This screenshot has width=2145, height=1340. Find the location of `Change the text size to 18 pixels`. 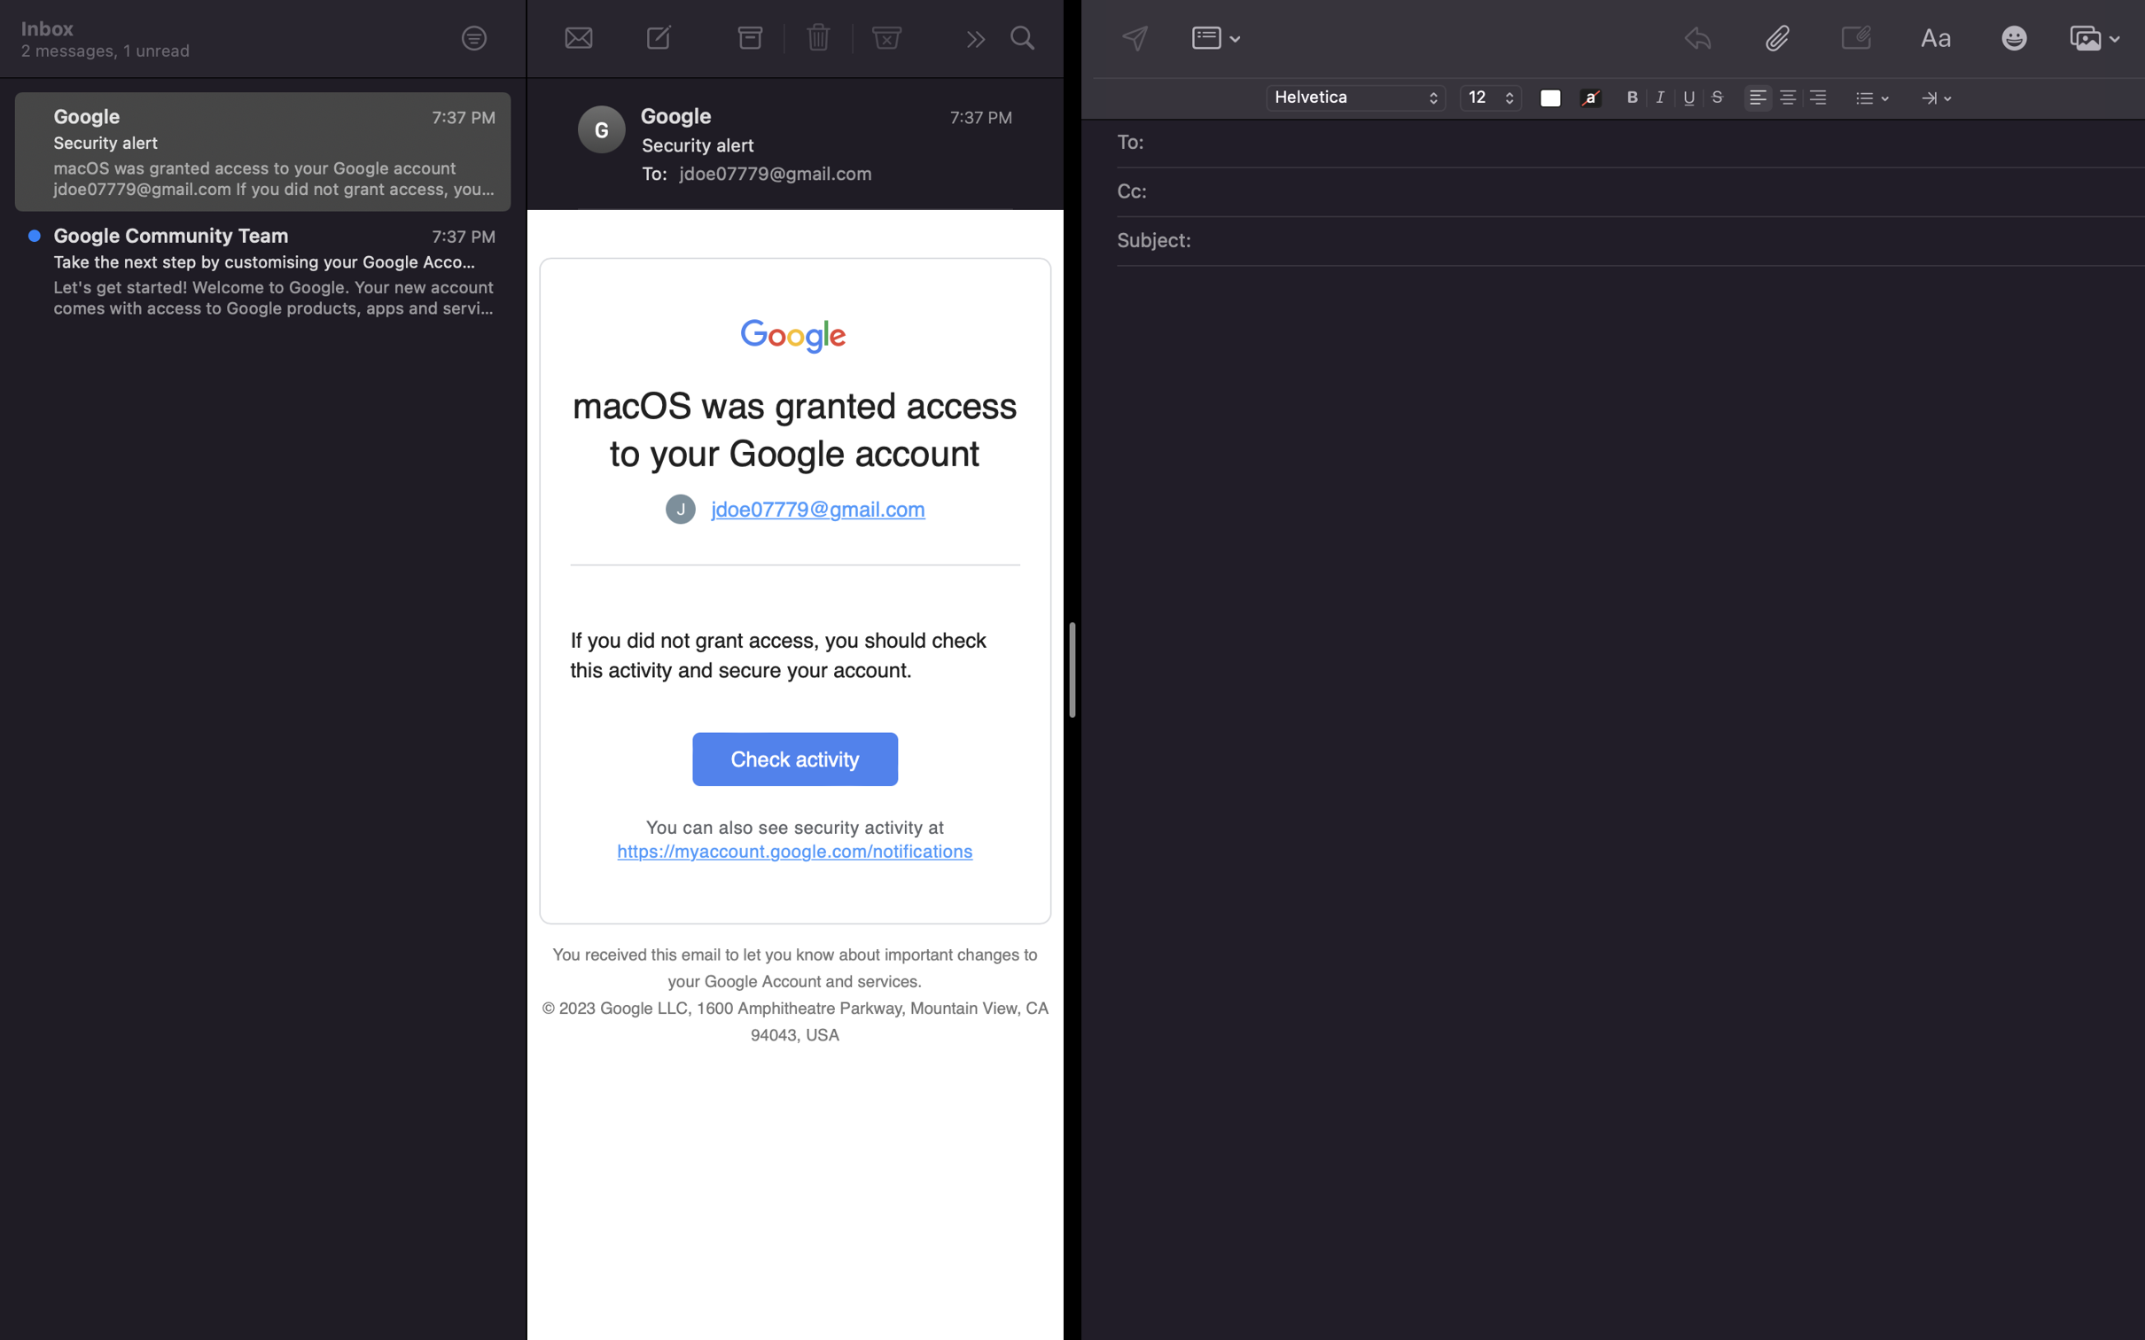

Change the text size to 18 pixels is located at coordinates (1490, 98).